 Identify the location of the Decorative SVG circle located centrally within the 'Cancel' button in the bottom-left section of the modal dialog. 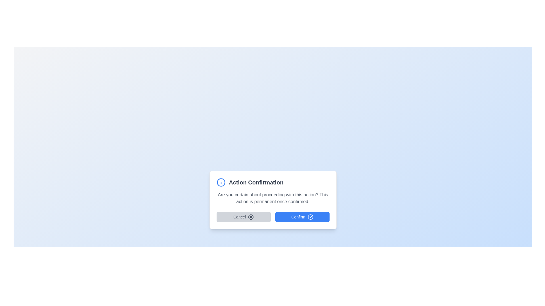
(250, 217).